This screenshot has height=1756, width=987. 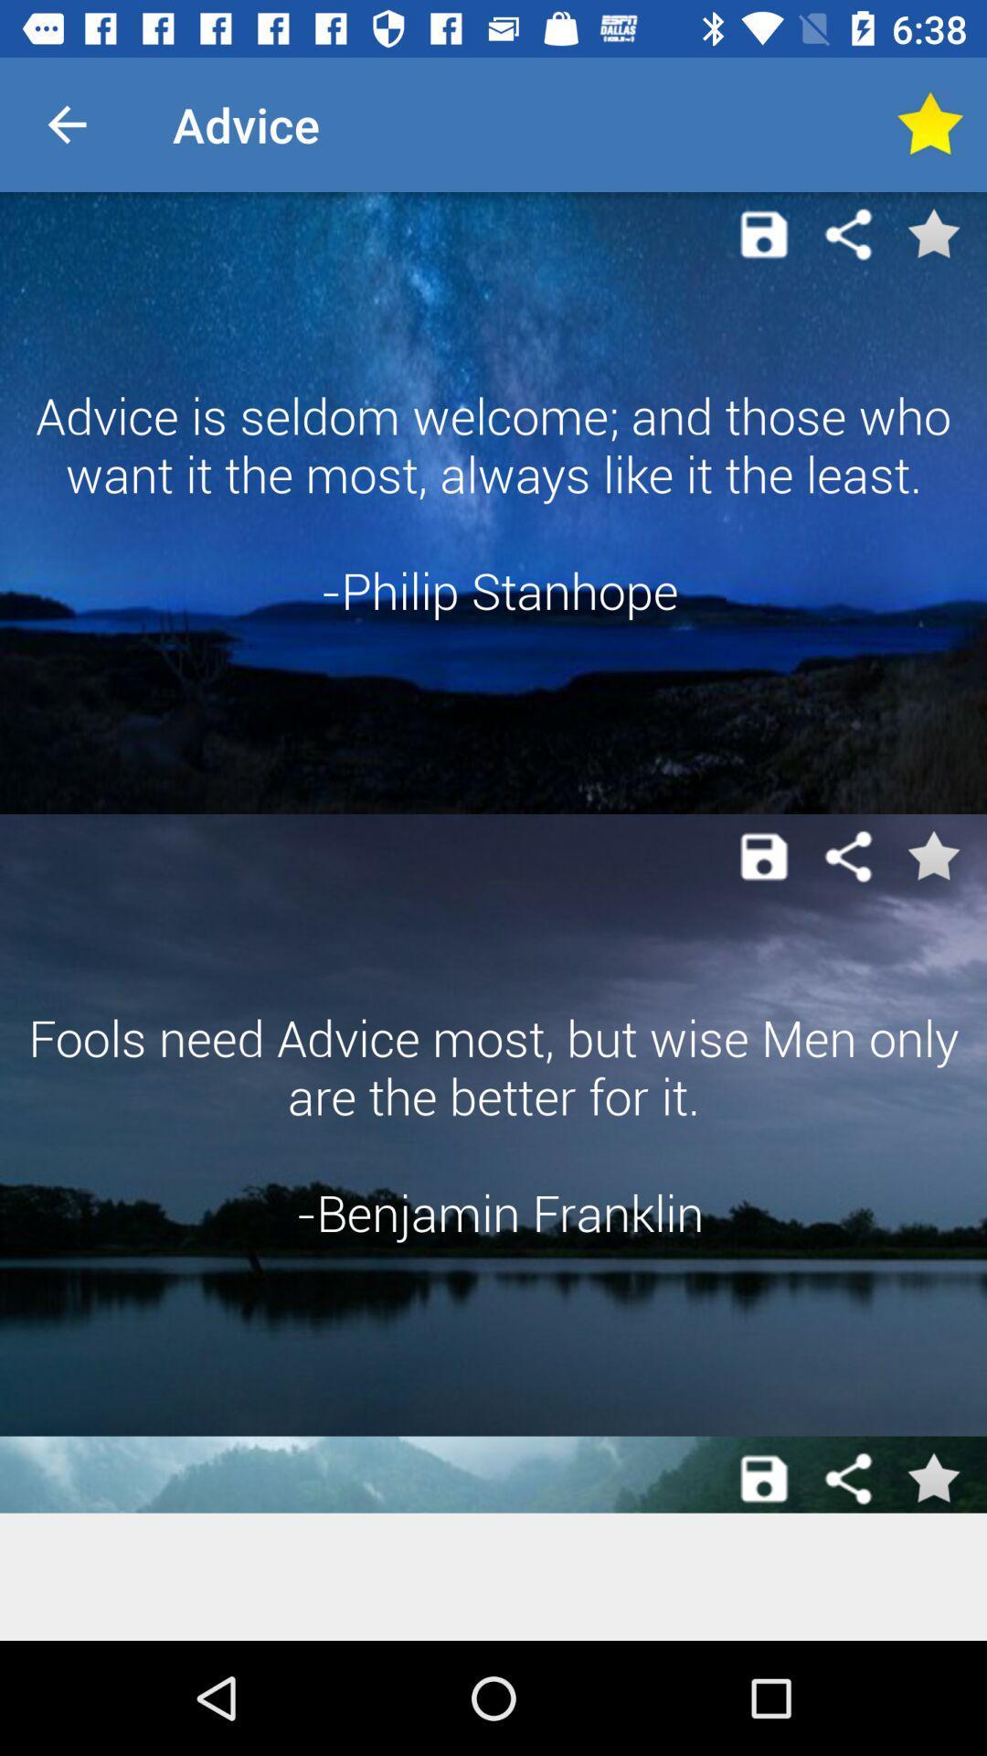 I want to click on mark as favourite, so click(x=929, y=123).